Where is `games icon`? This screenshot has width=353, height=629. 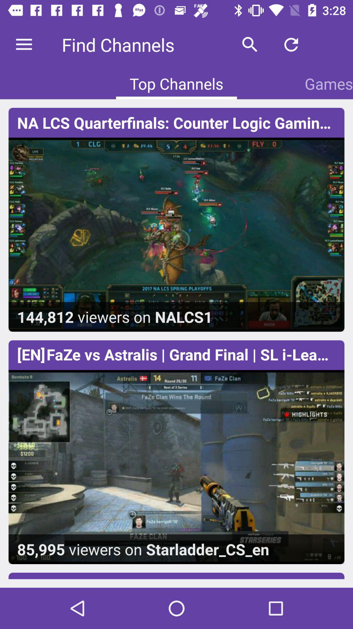
games icon is located at coordinates (329, 83).